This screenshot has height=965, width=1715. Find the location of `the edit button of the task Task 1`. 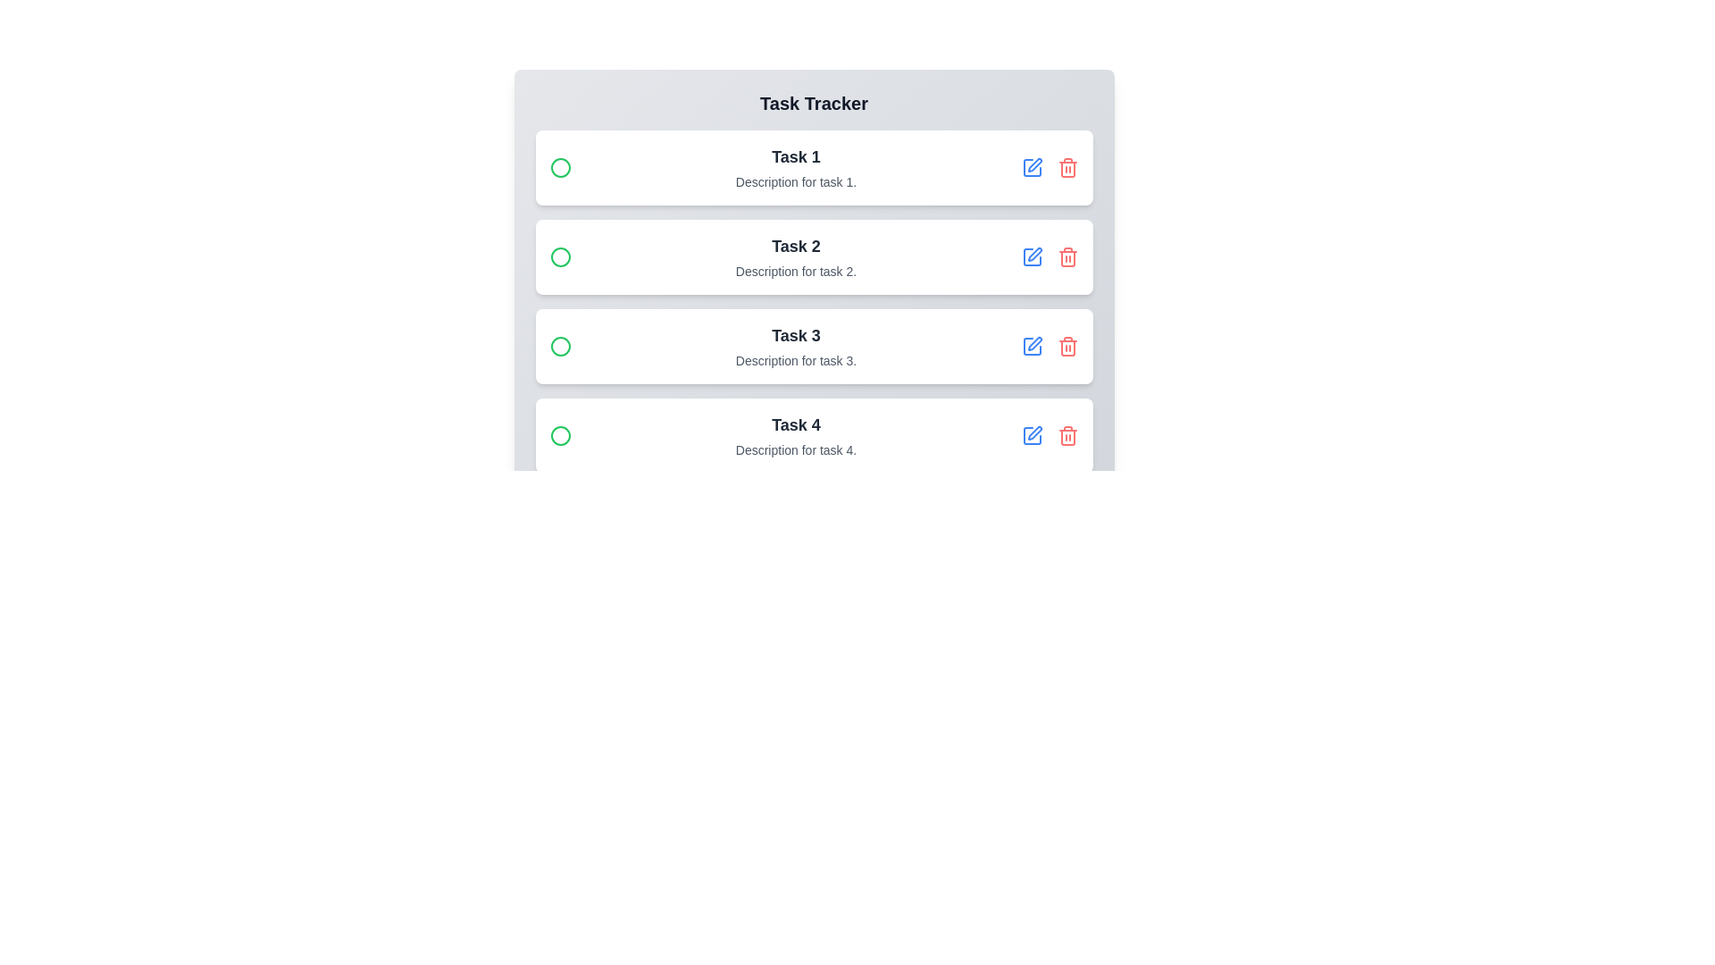

the edit button of the task Task 1 is located at coordinates (1032, 168).